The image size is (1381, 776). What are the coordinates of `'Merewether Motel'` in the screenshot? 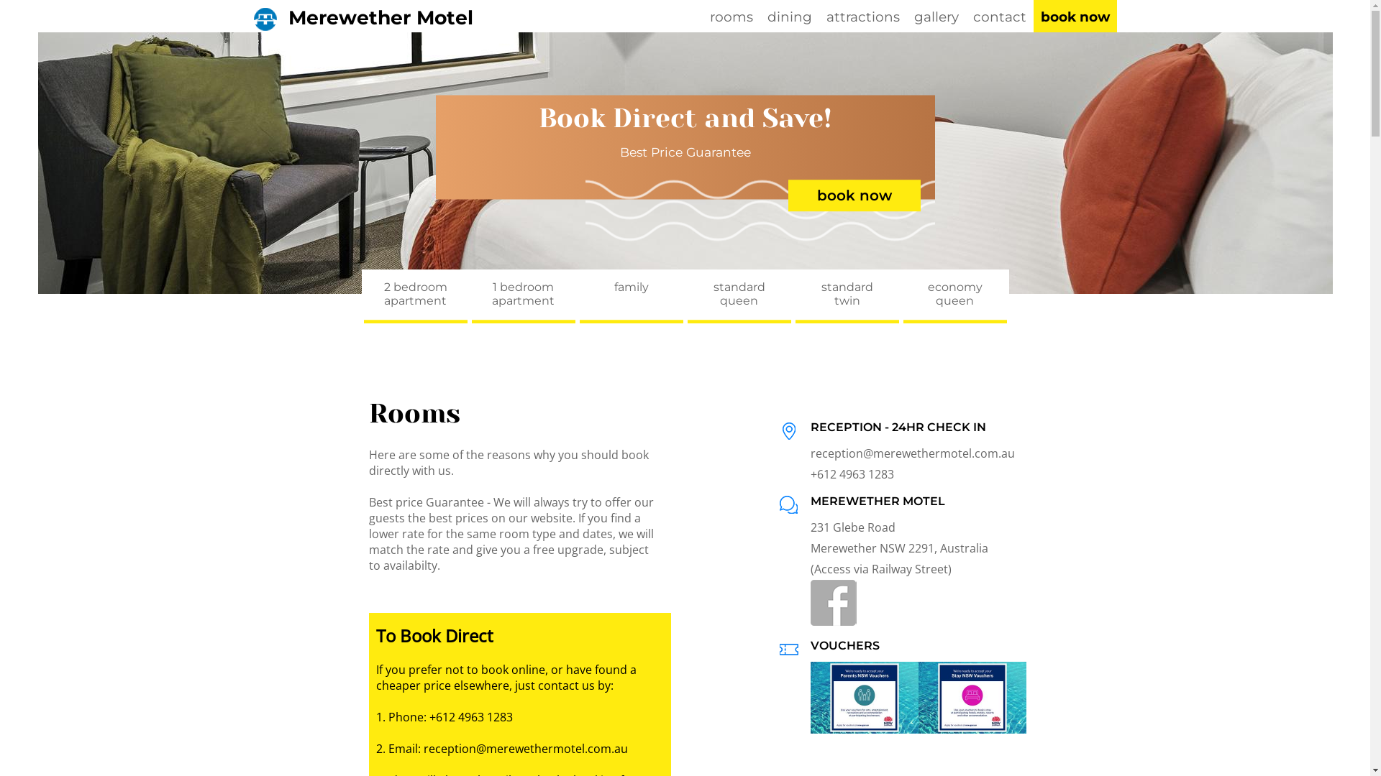 It's located at (363, 19).